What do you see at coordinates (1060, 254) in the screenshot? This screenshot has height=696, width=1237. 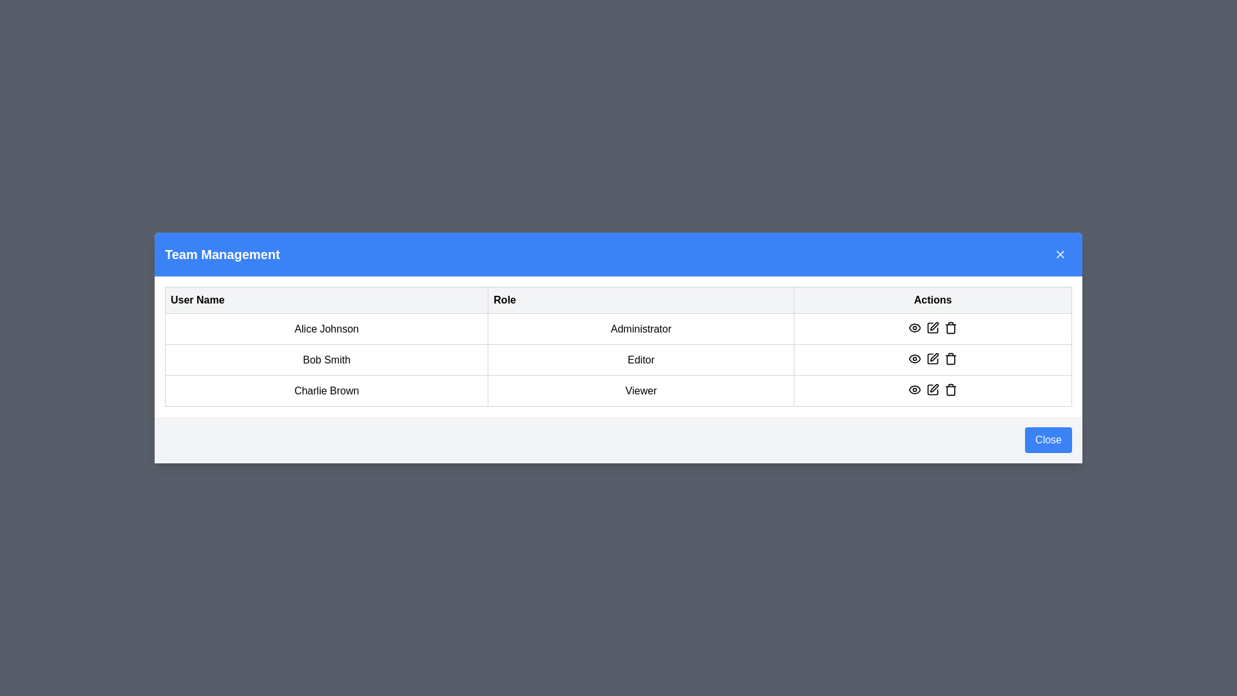 I see `the close button located in the top-right corner of the 'Team Management' header` at bounding box center [1060, 254].